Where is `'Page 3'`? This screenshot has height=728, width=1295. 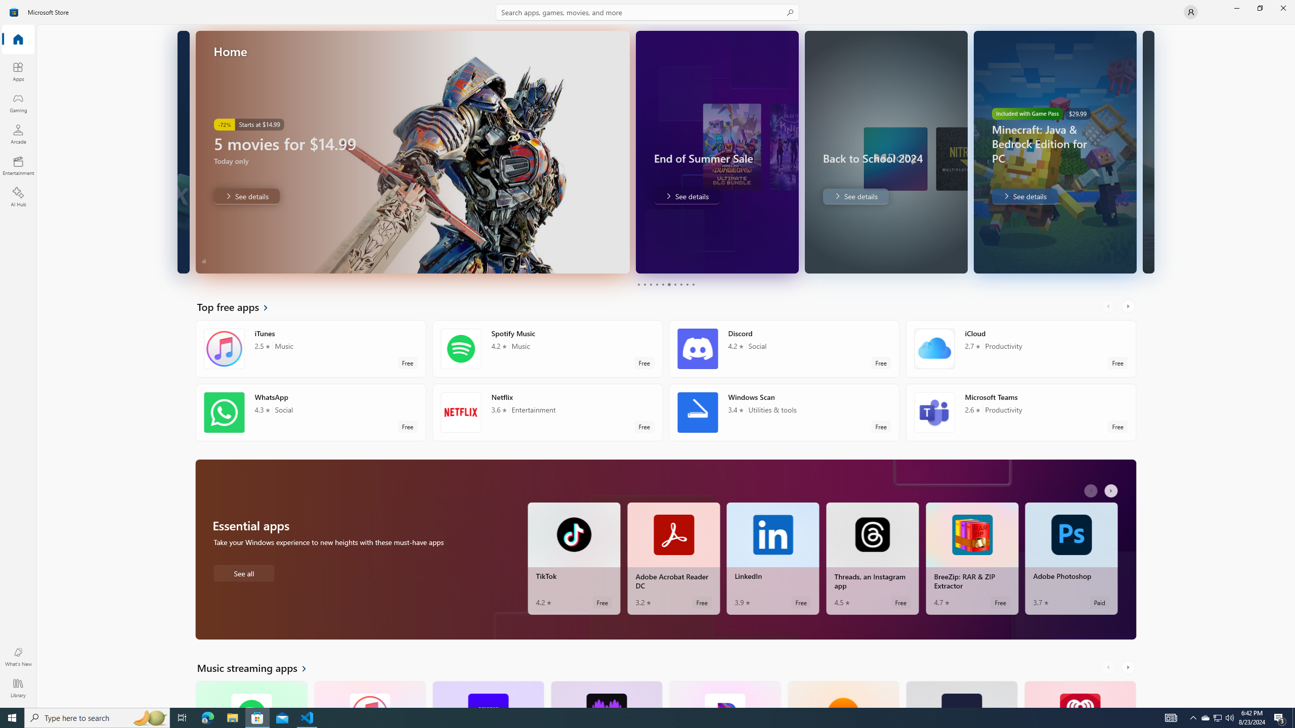 'Page 3' is located at coordinates (650, 284).